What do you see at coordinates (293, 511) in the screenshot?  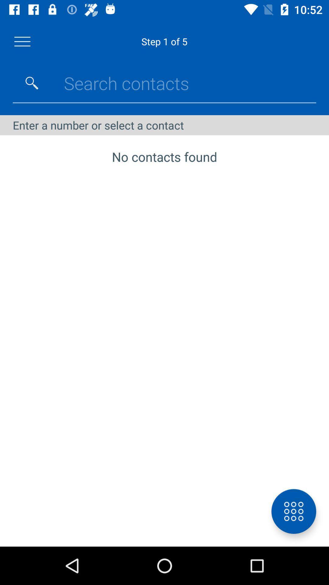 I see `the item below the enter a number` at bounding box center [293, 511].